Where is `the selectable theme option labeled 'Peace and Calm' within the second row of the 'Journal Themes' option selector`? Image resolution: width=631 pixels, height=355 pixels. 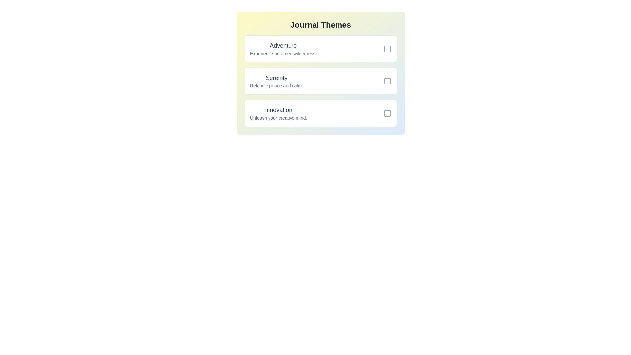 the selectable theme option labeled 'Peace and Calm' within the second row of the 'Journal Themes' option selector is located at coordinates (276, 81).